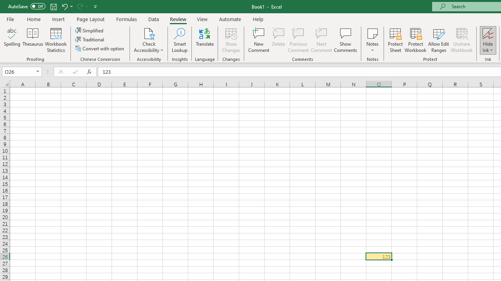 This screenshot has height=281, width=501. Describe the element at coordinates (100, 48) in the screenshot. I see `'Convert with option'` at that location.